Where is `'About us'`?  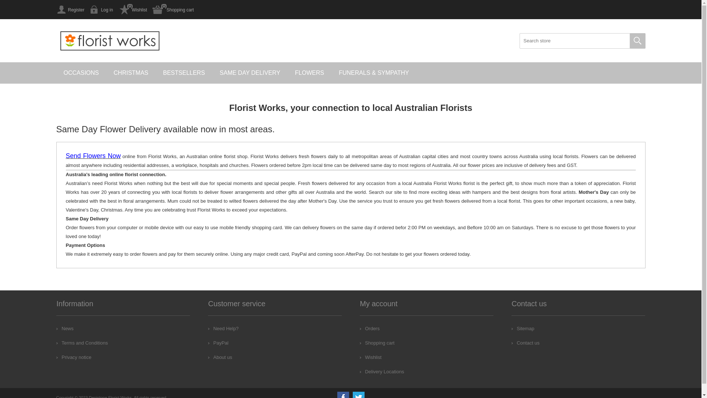
'About us' is located at coordinates (208, 357).